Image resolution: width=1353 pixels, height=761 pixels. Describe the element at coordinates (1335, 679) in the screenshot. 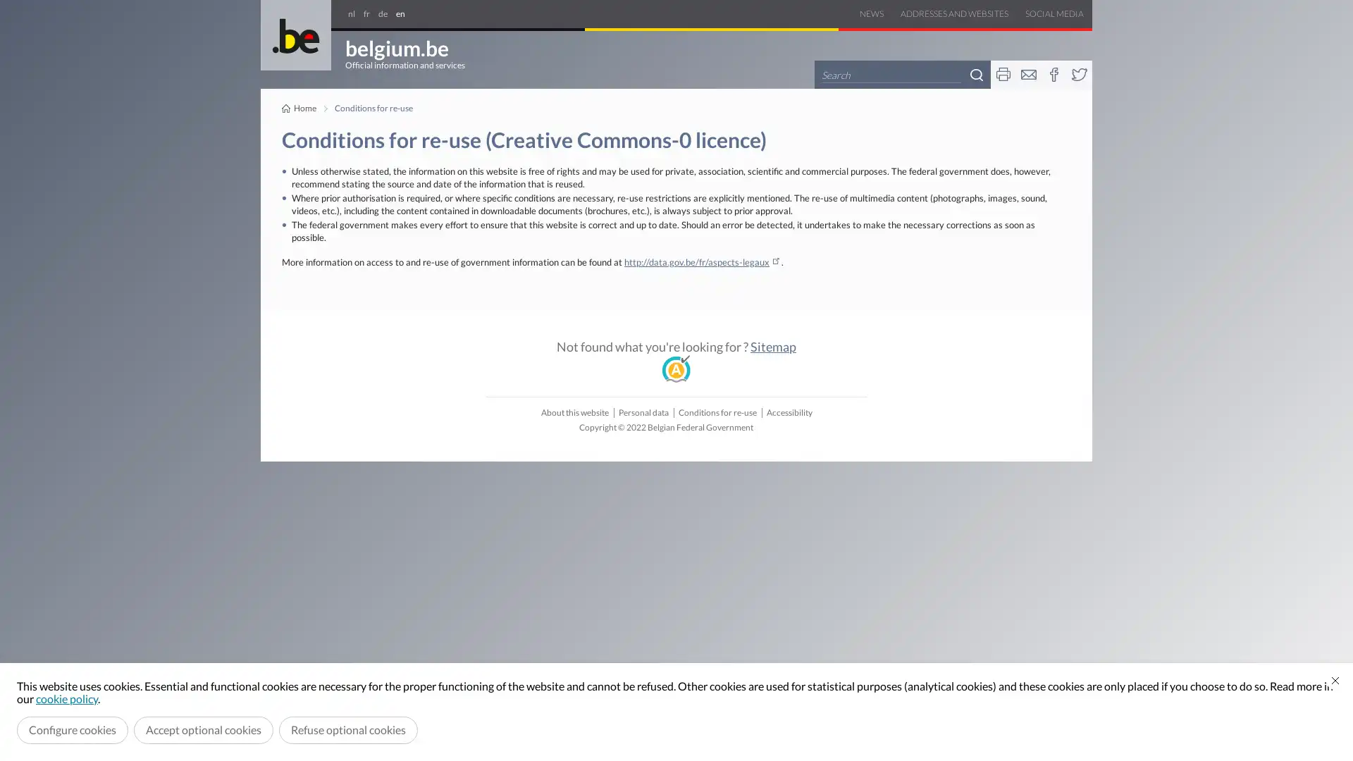

I see `Close` at that location.